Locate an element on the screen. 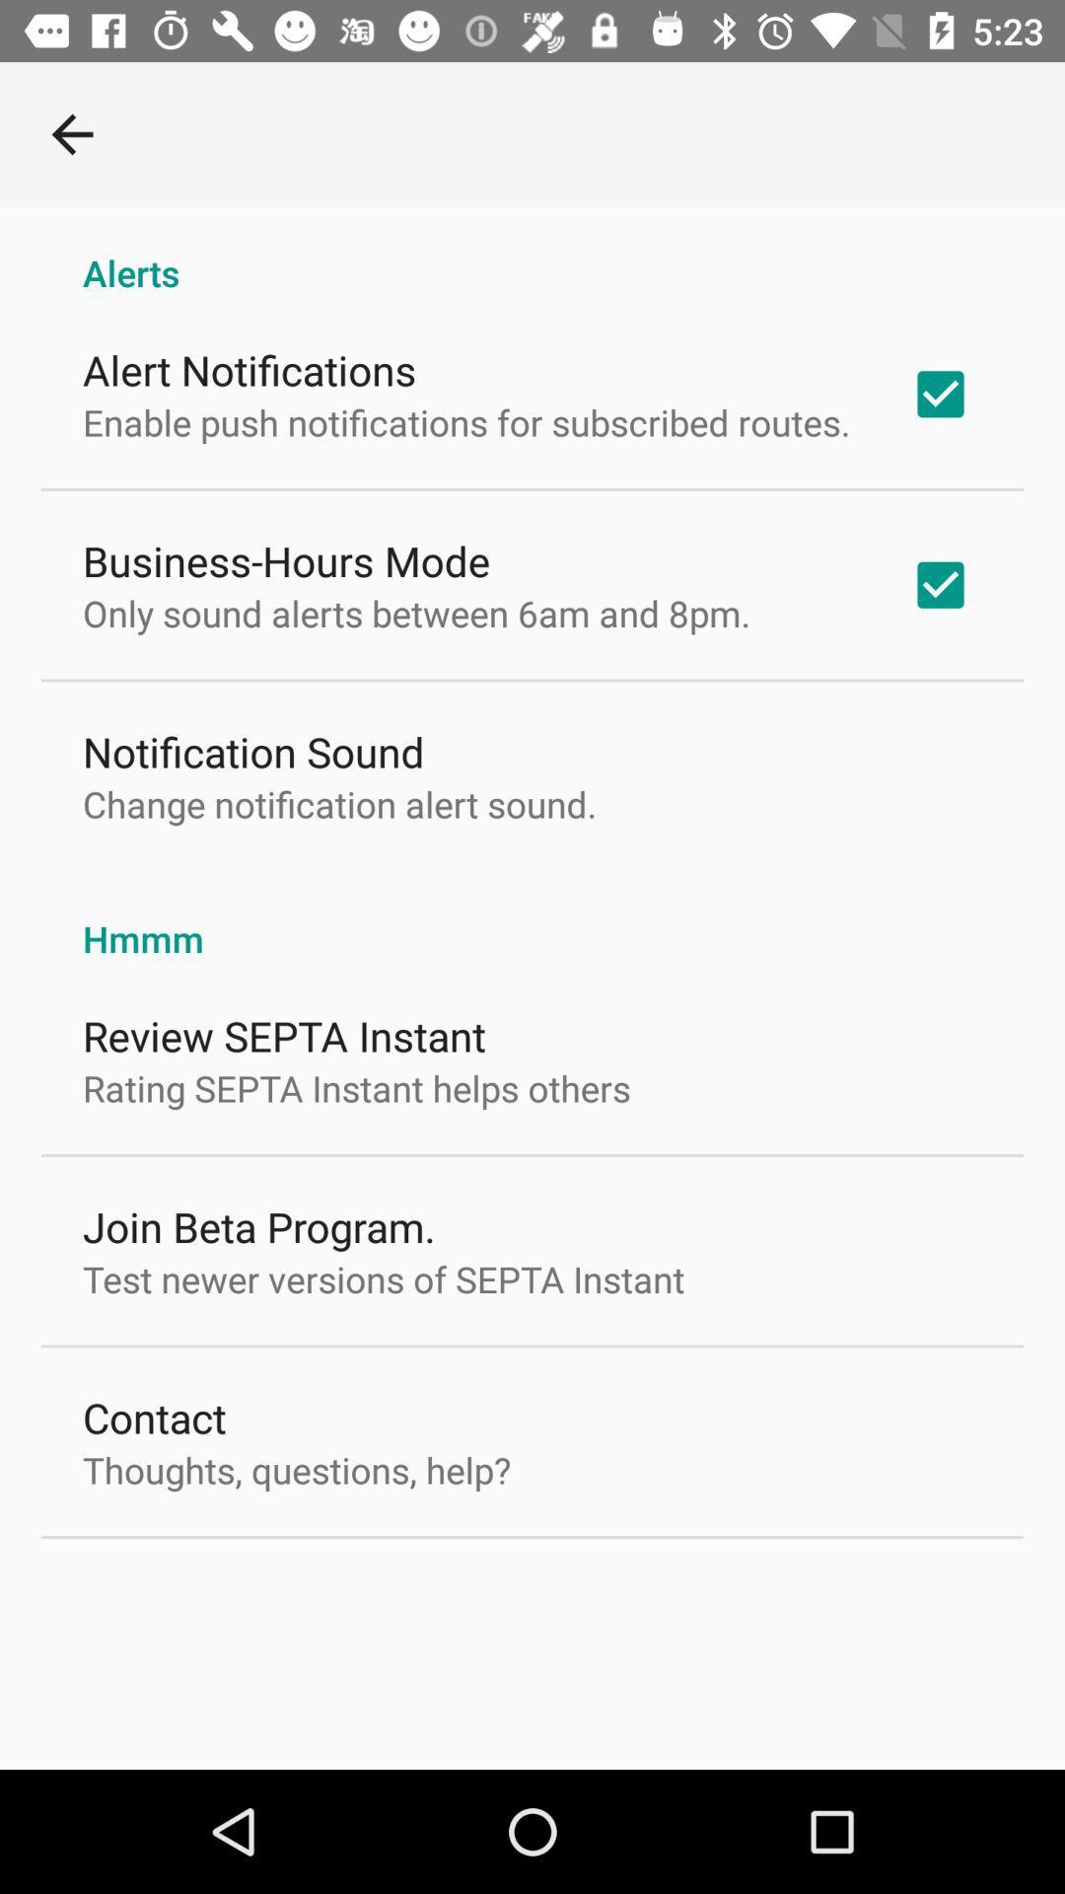 This screenshot has width=1065, height=1894. test newer versions item is located at coordinates (384, 1278).